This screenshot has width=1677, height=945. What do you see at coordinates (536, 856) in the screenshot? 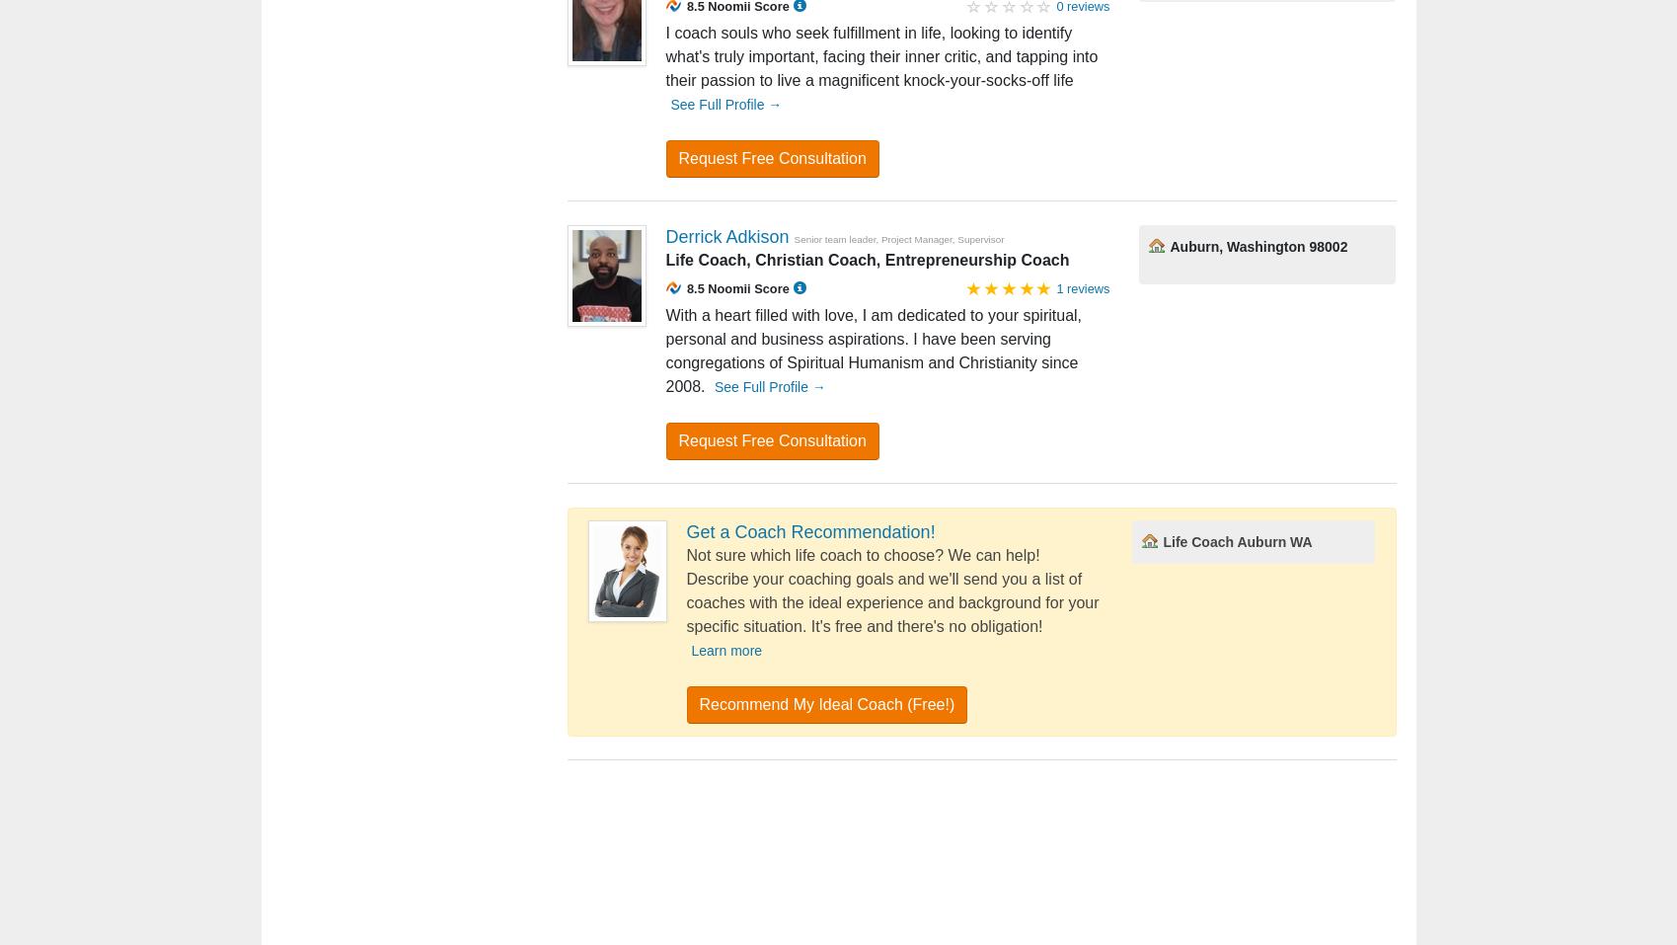
I see `'Relationship Coaching'` at bounding box center [536, 856].